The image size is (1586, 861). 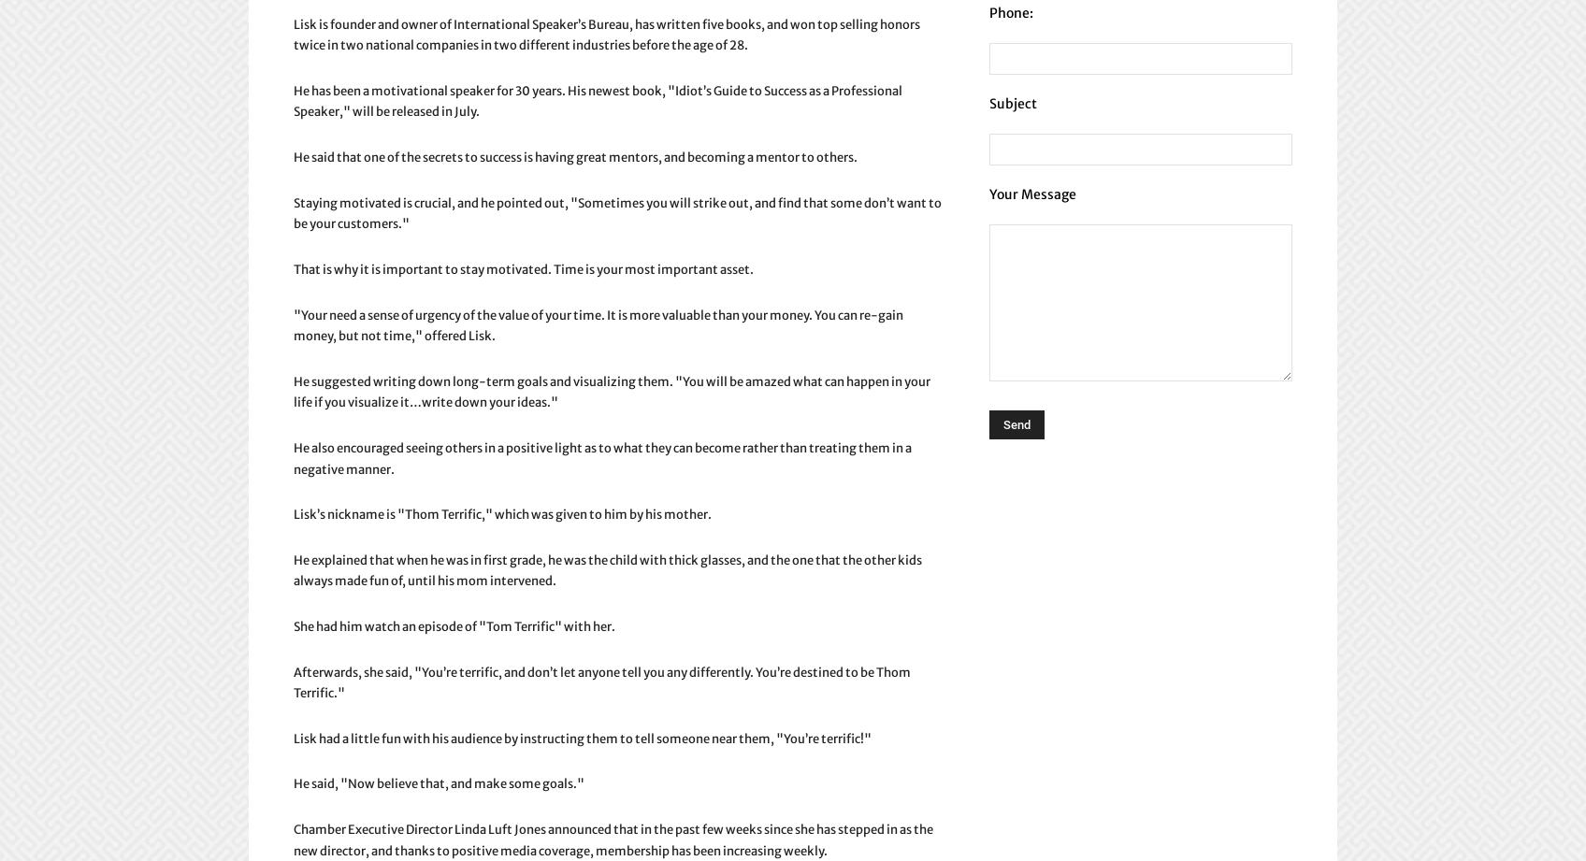 I want to click on 'Lisk is founder and owner of International Speaker’s Bureau, has written five books, and won top selling honors twice in two national companies in two different industries before the age of 28.', so click(x=606, y=35).